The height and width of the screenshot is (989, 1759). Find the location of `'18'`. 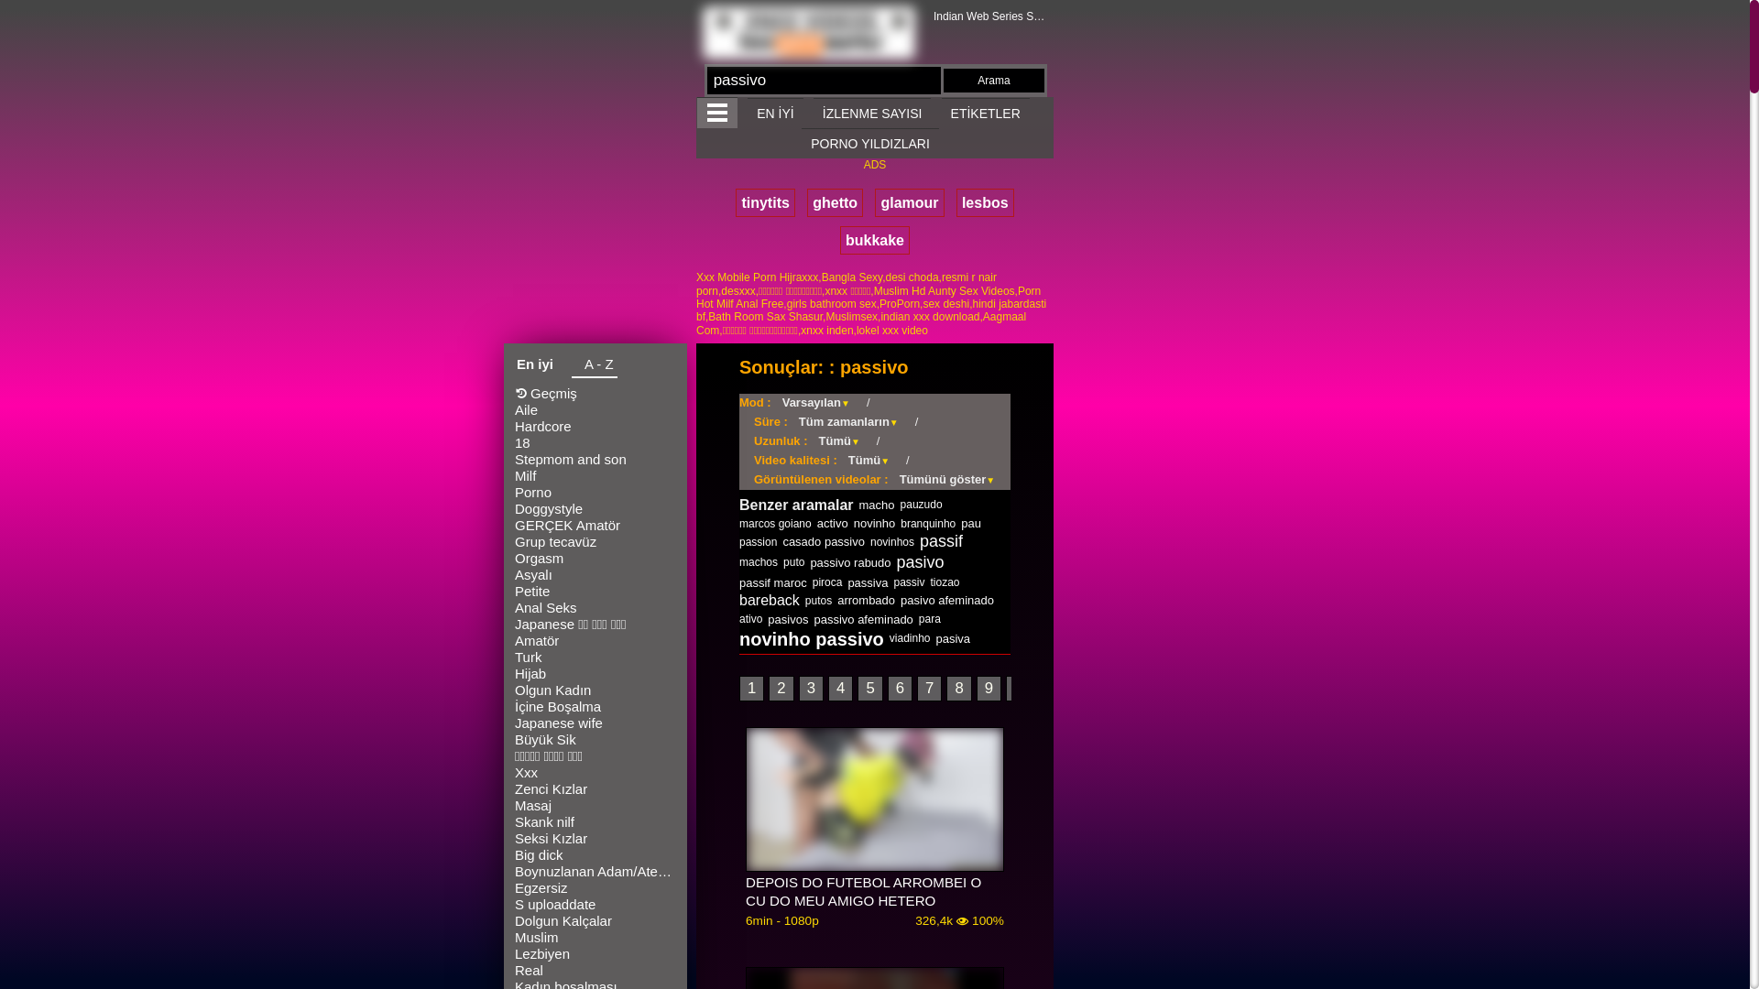

'18' is located at coordinates (595, 442).